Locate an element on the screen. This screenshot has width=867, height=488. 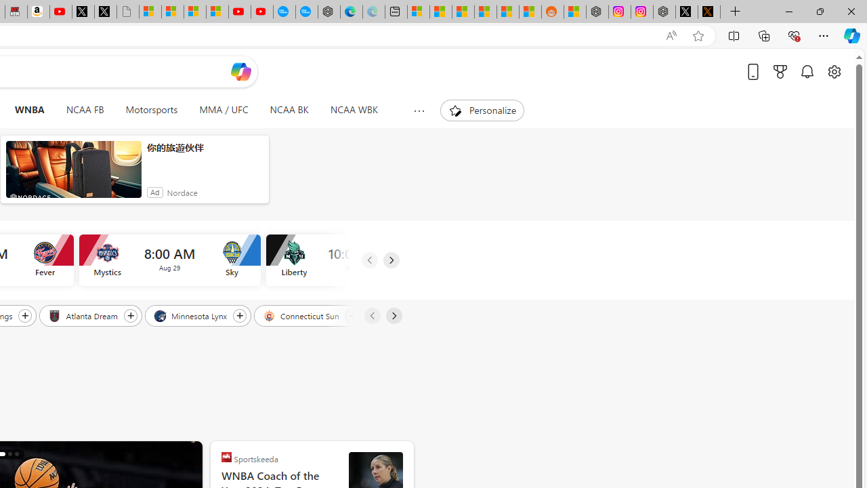
'Notifications' is located at coordinates (807, 71).